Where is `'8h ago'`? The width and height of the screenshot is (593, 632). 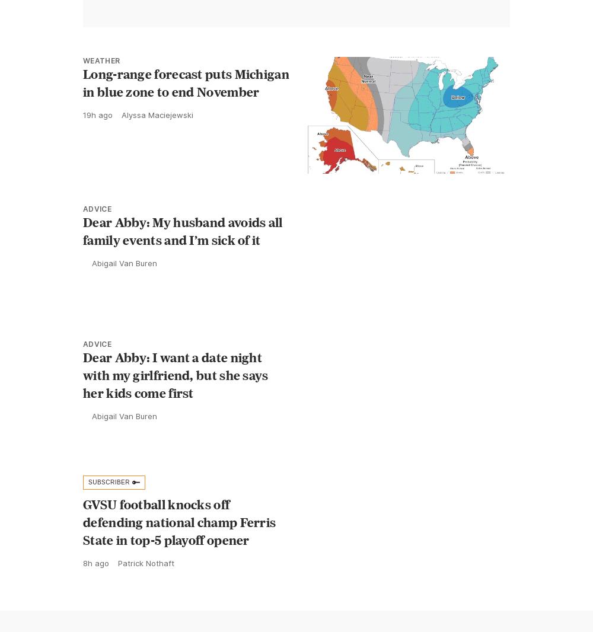 '8h ago' is located at coordinates (83, 562).